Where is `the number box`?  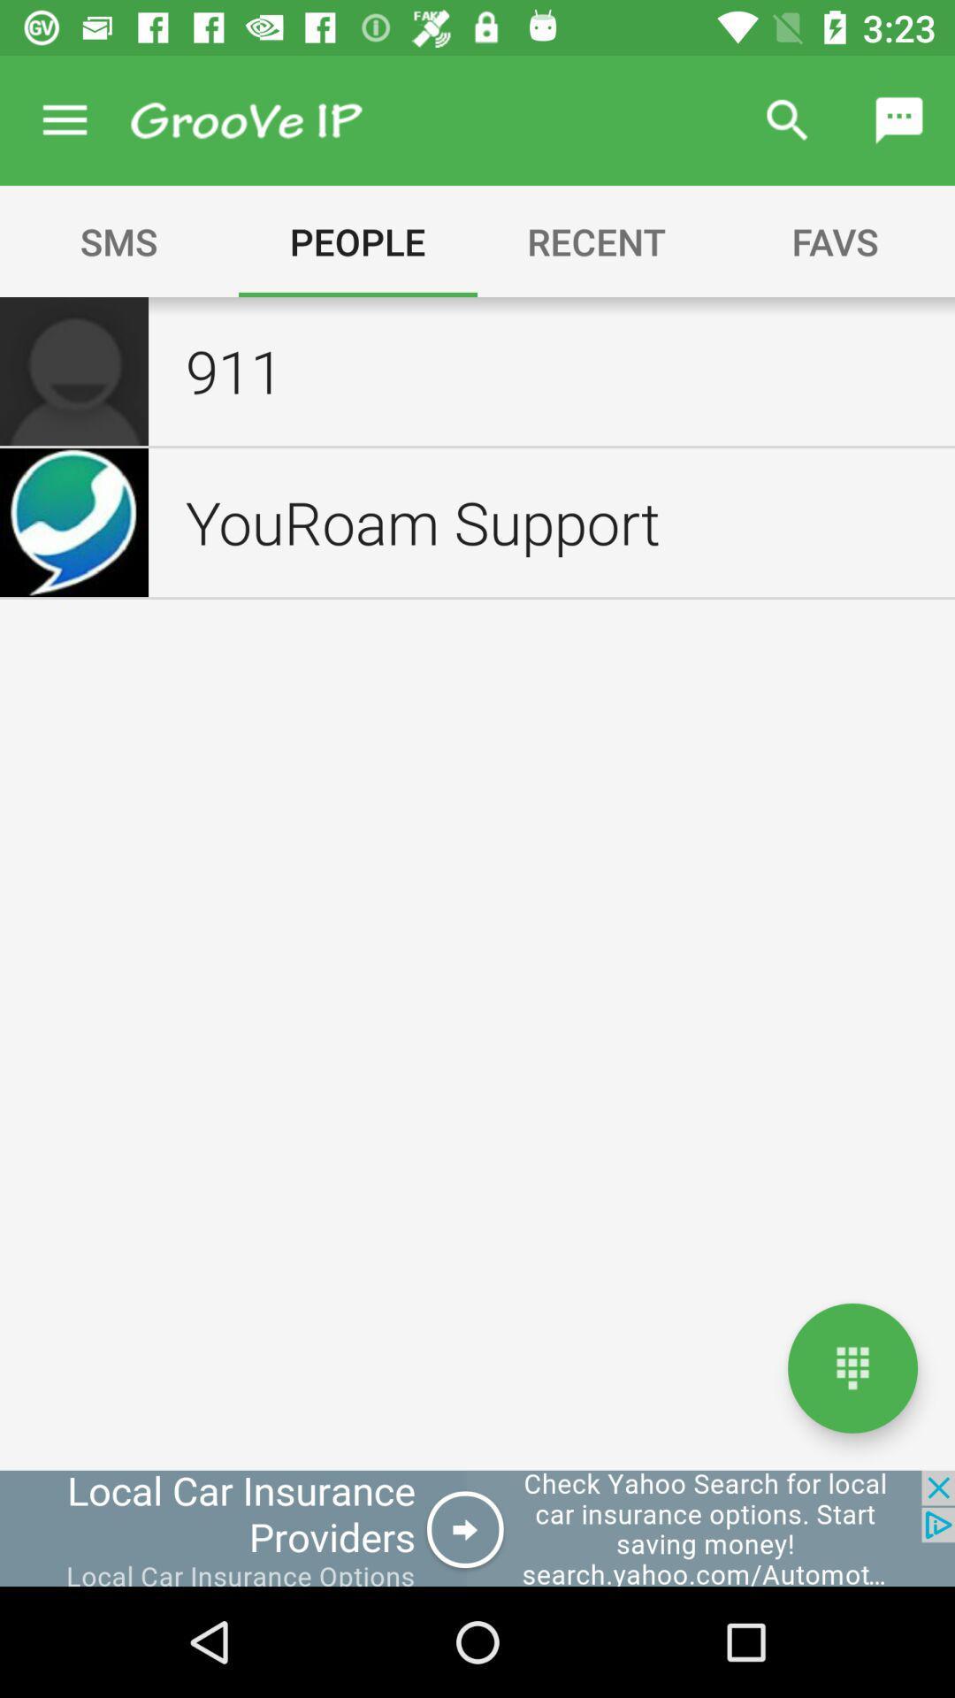 the number box is located at coordinates (852, 1367).